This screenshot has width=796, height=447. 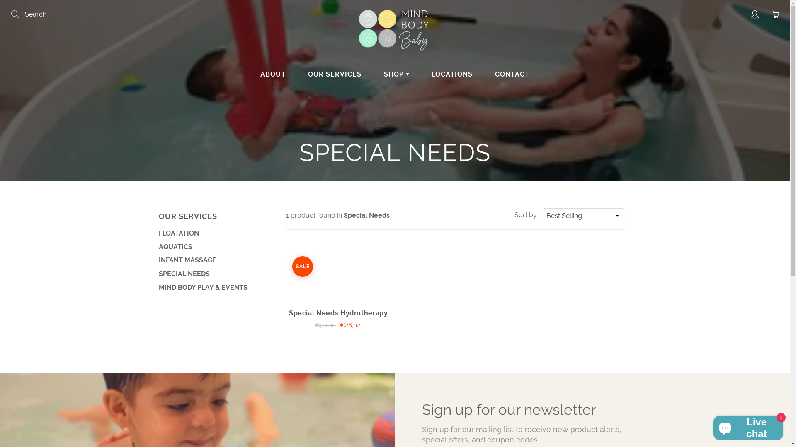 I want to click on 'ABOUT', so click(x=250, y=74).